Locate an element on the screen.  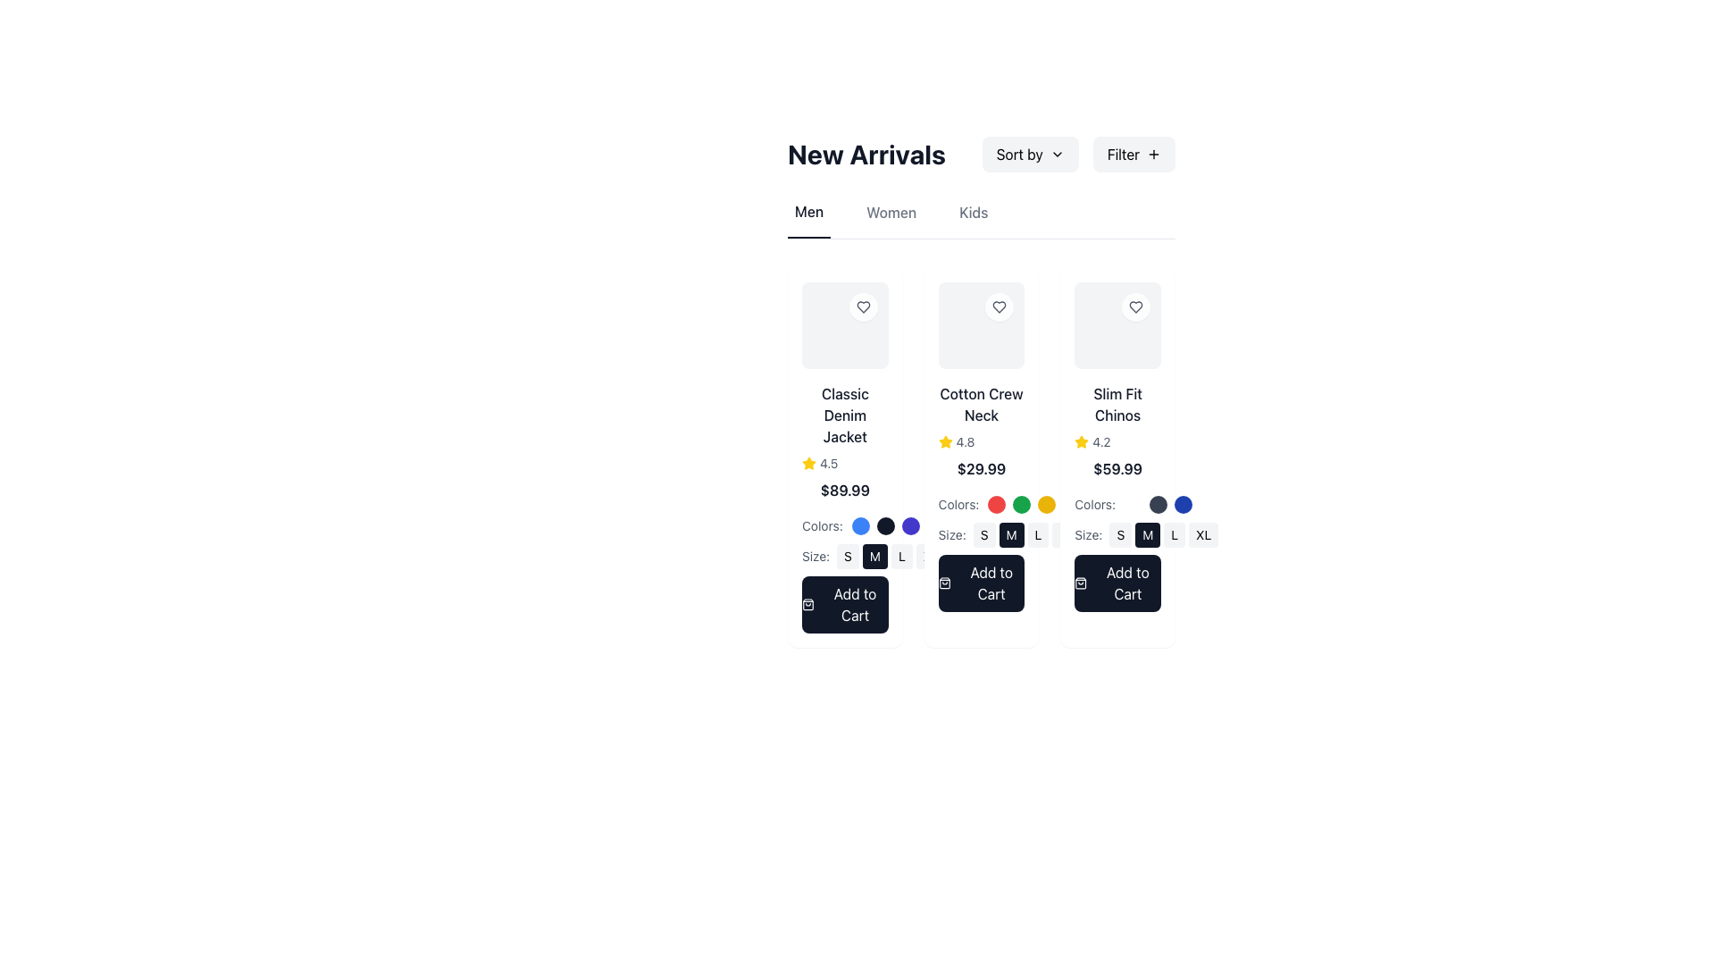
the 'S' size button located under the 'Size:' label in the first product card of the merchandise section is located at coordinates (844, 555).